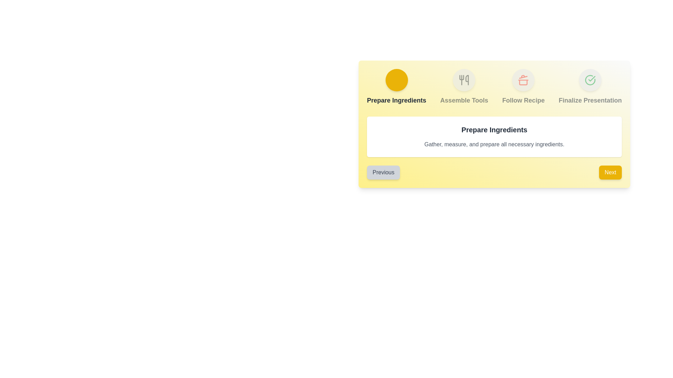 This screenshot has height=378, width=673. Describe the element at coordinates (494, 144) in the screenshot. I see `the Text block element that contains the text 'Gather, measure, and prepare all necessary ingredients.' displayed beneath the header 'Prepare Ingredients'` at that location.